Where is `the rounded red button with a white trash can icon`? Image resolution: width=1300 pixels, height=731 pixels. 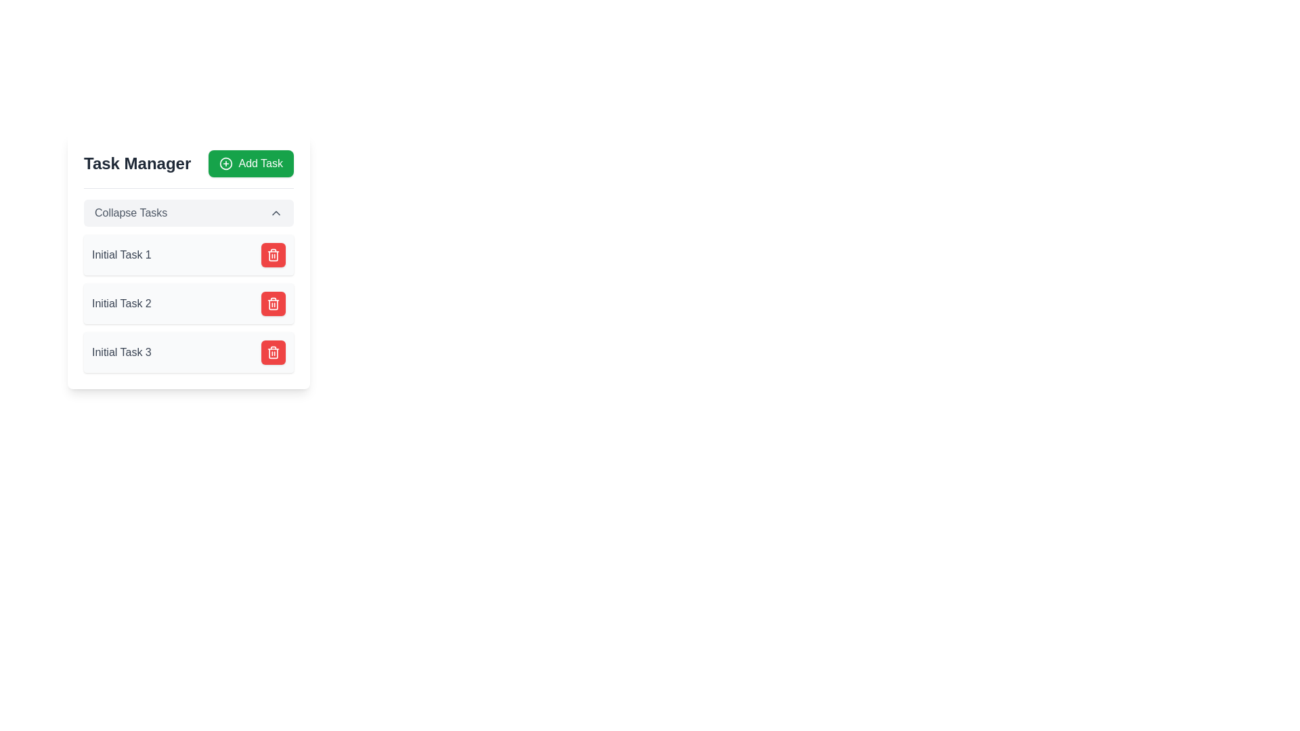
the rounded red button with a white trash can icon is located at coordinates (272, 255).